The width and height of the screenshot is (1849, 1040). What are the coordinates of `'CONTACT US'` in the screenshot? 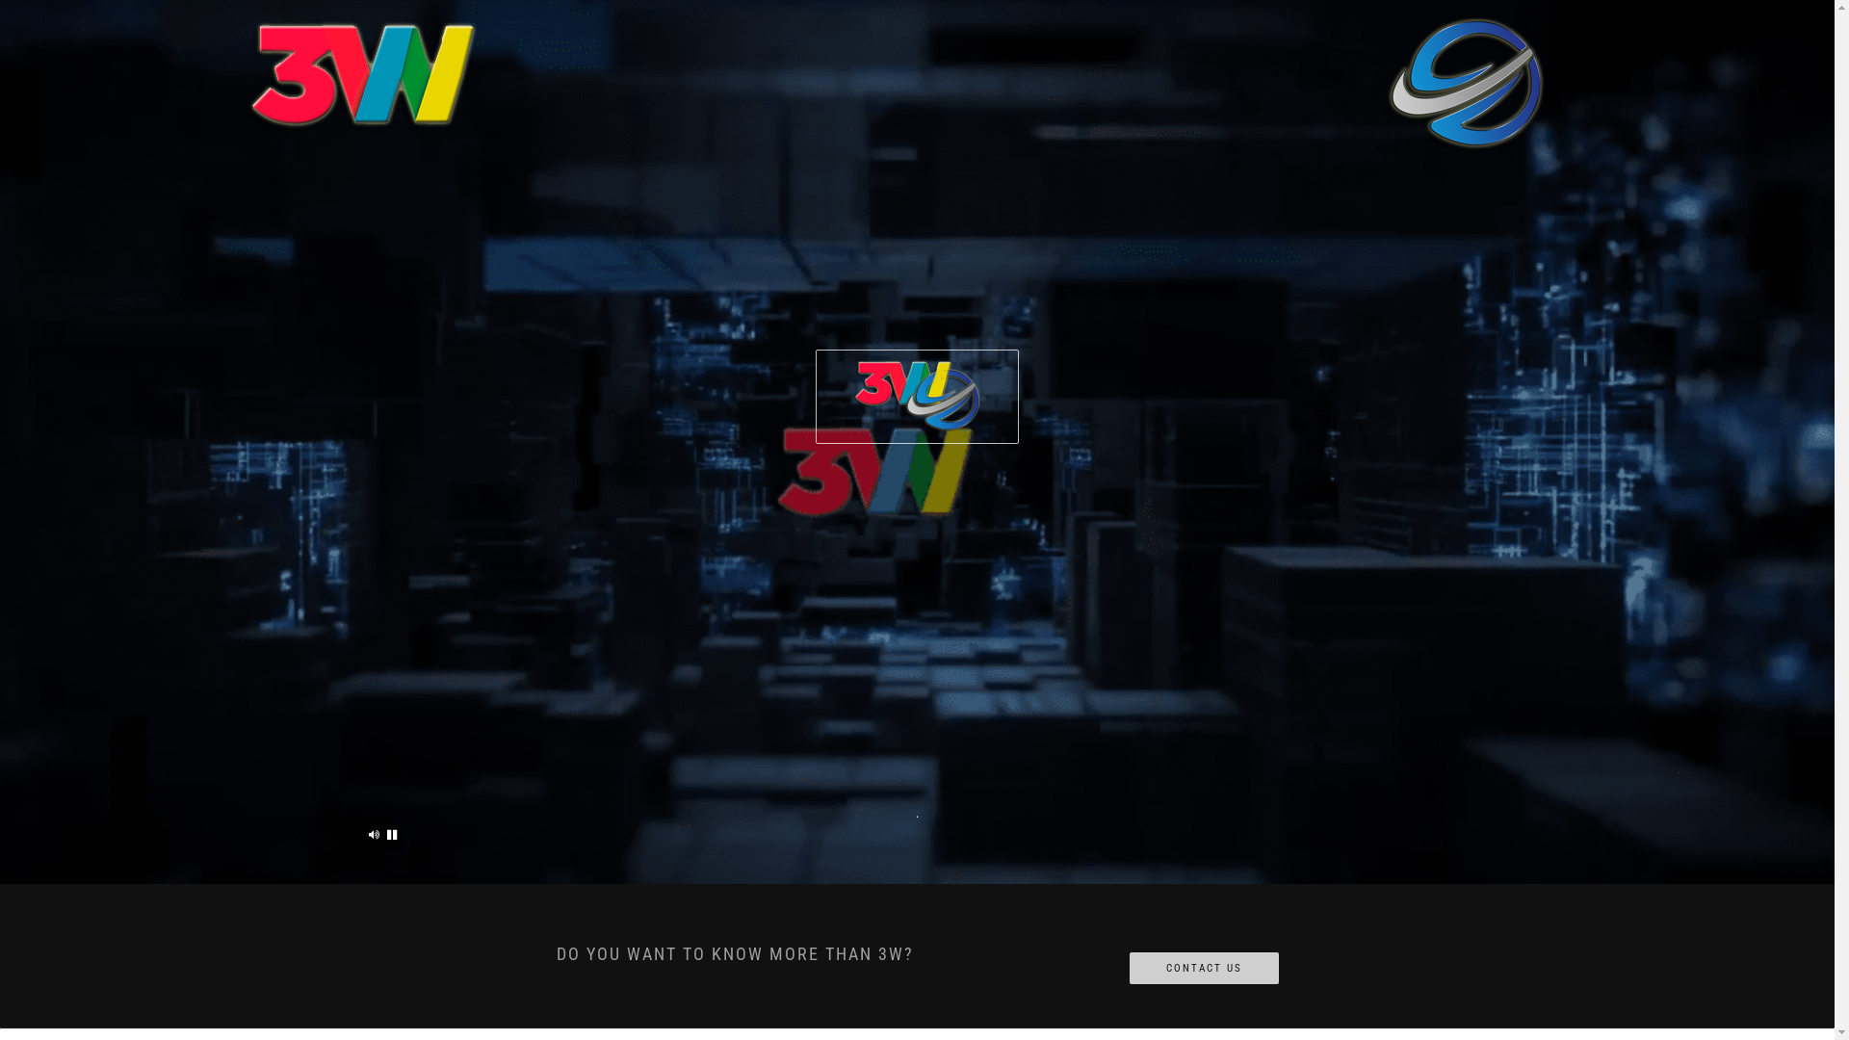 It's located at (1202, 969).